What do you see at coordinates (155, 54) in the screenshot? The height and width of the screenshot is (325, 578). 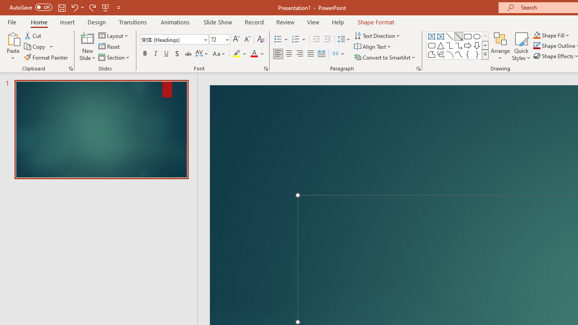 I see `'Italic'` at bounding box center [155, 54].